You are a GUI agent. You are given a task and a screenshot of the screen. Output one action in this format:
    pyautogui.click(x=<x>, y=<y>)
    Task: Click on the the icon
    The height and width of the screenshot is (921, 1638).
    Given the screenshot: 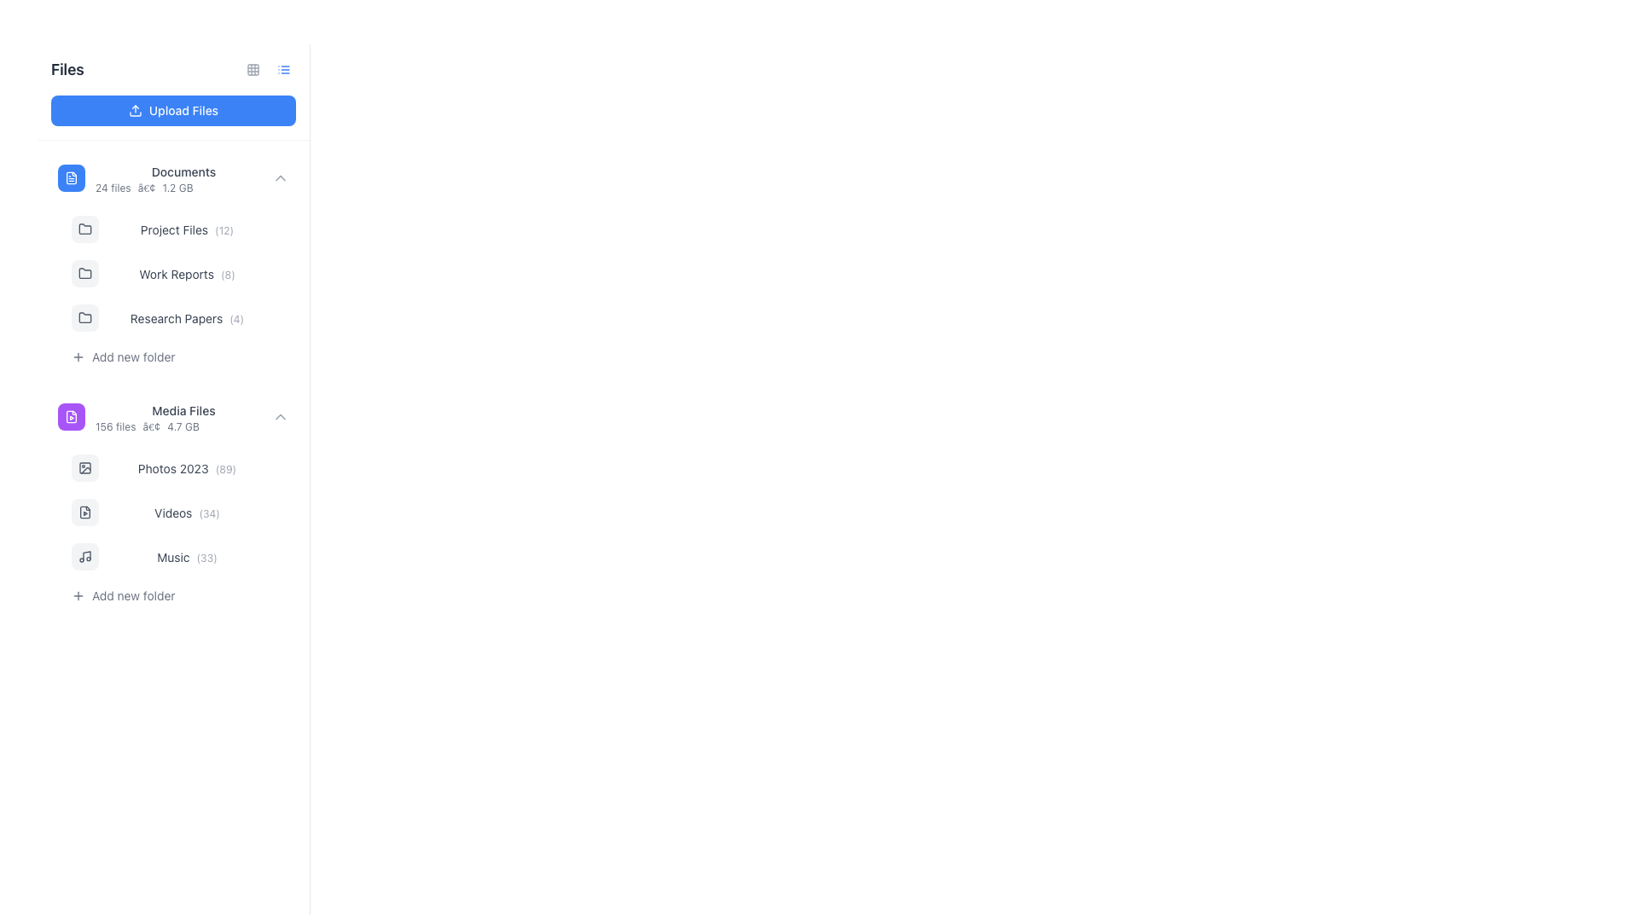 What is the action you would take?
    pyautogui.click(x=283, y=68)
    